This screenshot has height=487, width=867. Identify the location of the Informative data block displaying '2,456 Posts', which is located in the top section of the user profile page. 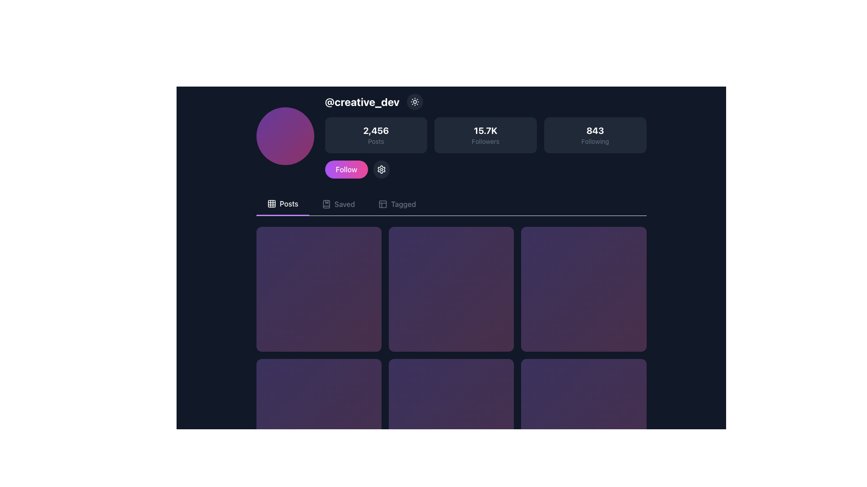
(376, 135).